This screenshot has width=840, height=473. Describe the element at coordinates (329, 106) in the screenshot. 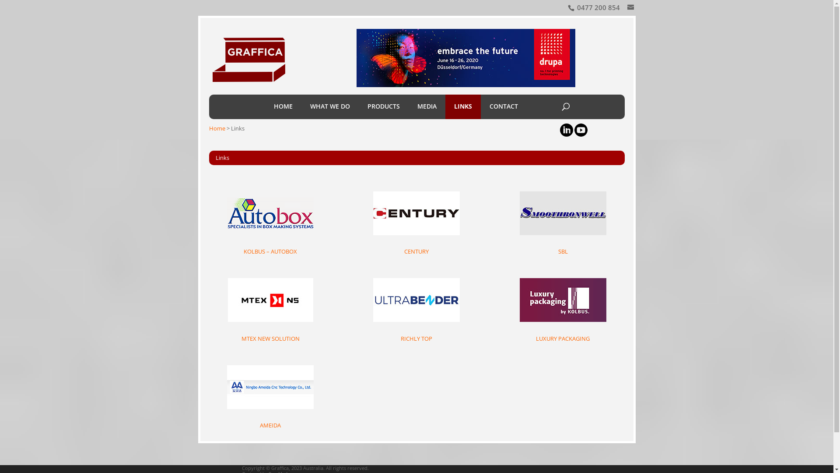

I see `'WHAT WE DO'` at that location.